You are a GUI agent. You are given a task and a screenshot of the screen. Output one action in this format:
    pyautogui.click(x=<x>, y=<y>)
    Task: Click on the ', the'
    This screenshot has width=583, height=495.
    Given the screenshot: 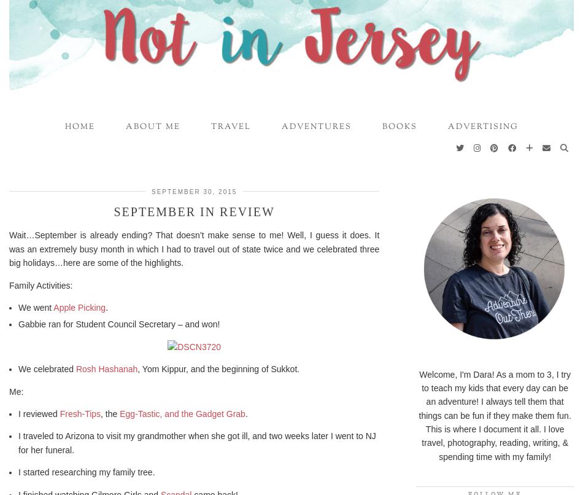 What is the action you would take?
    pyautogui.click(x=110, y=413)
    